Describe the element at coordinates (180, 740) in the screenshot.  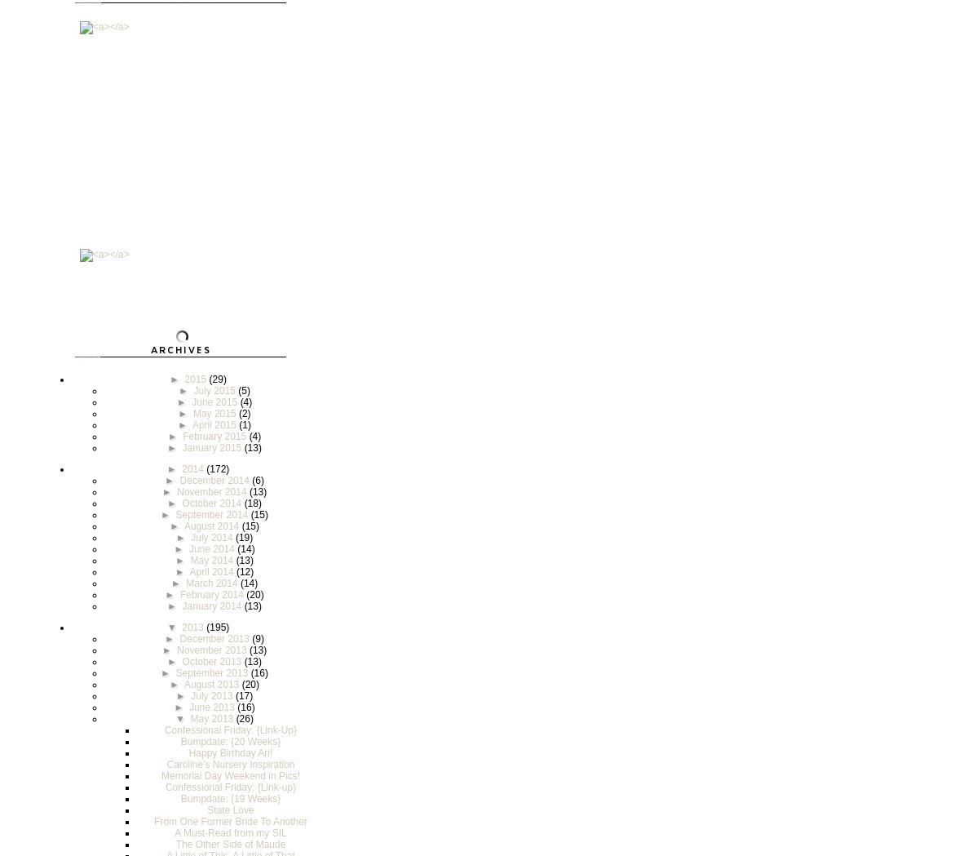
I see `'Bumpdate: {20 Weeks}'` at that location.